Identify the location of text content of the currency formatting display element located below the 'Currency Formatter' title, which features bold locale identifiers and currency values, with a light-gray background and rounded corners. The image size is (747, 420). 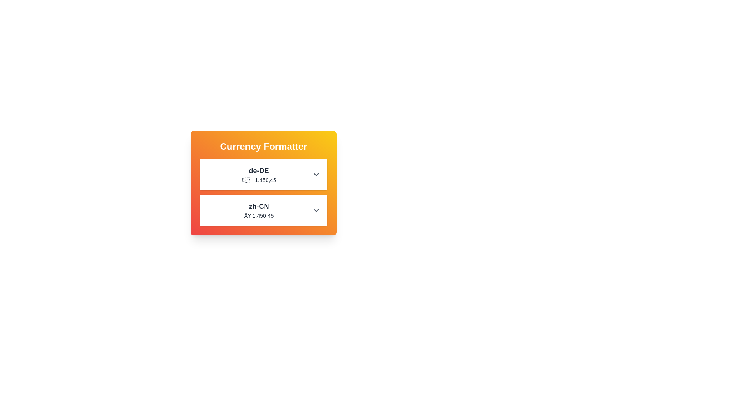
(263, 192).